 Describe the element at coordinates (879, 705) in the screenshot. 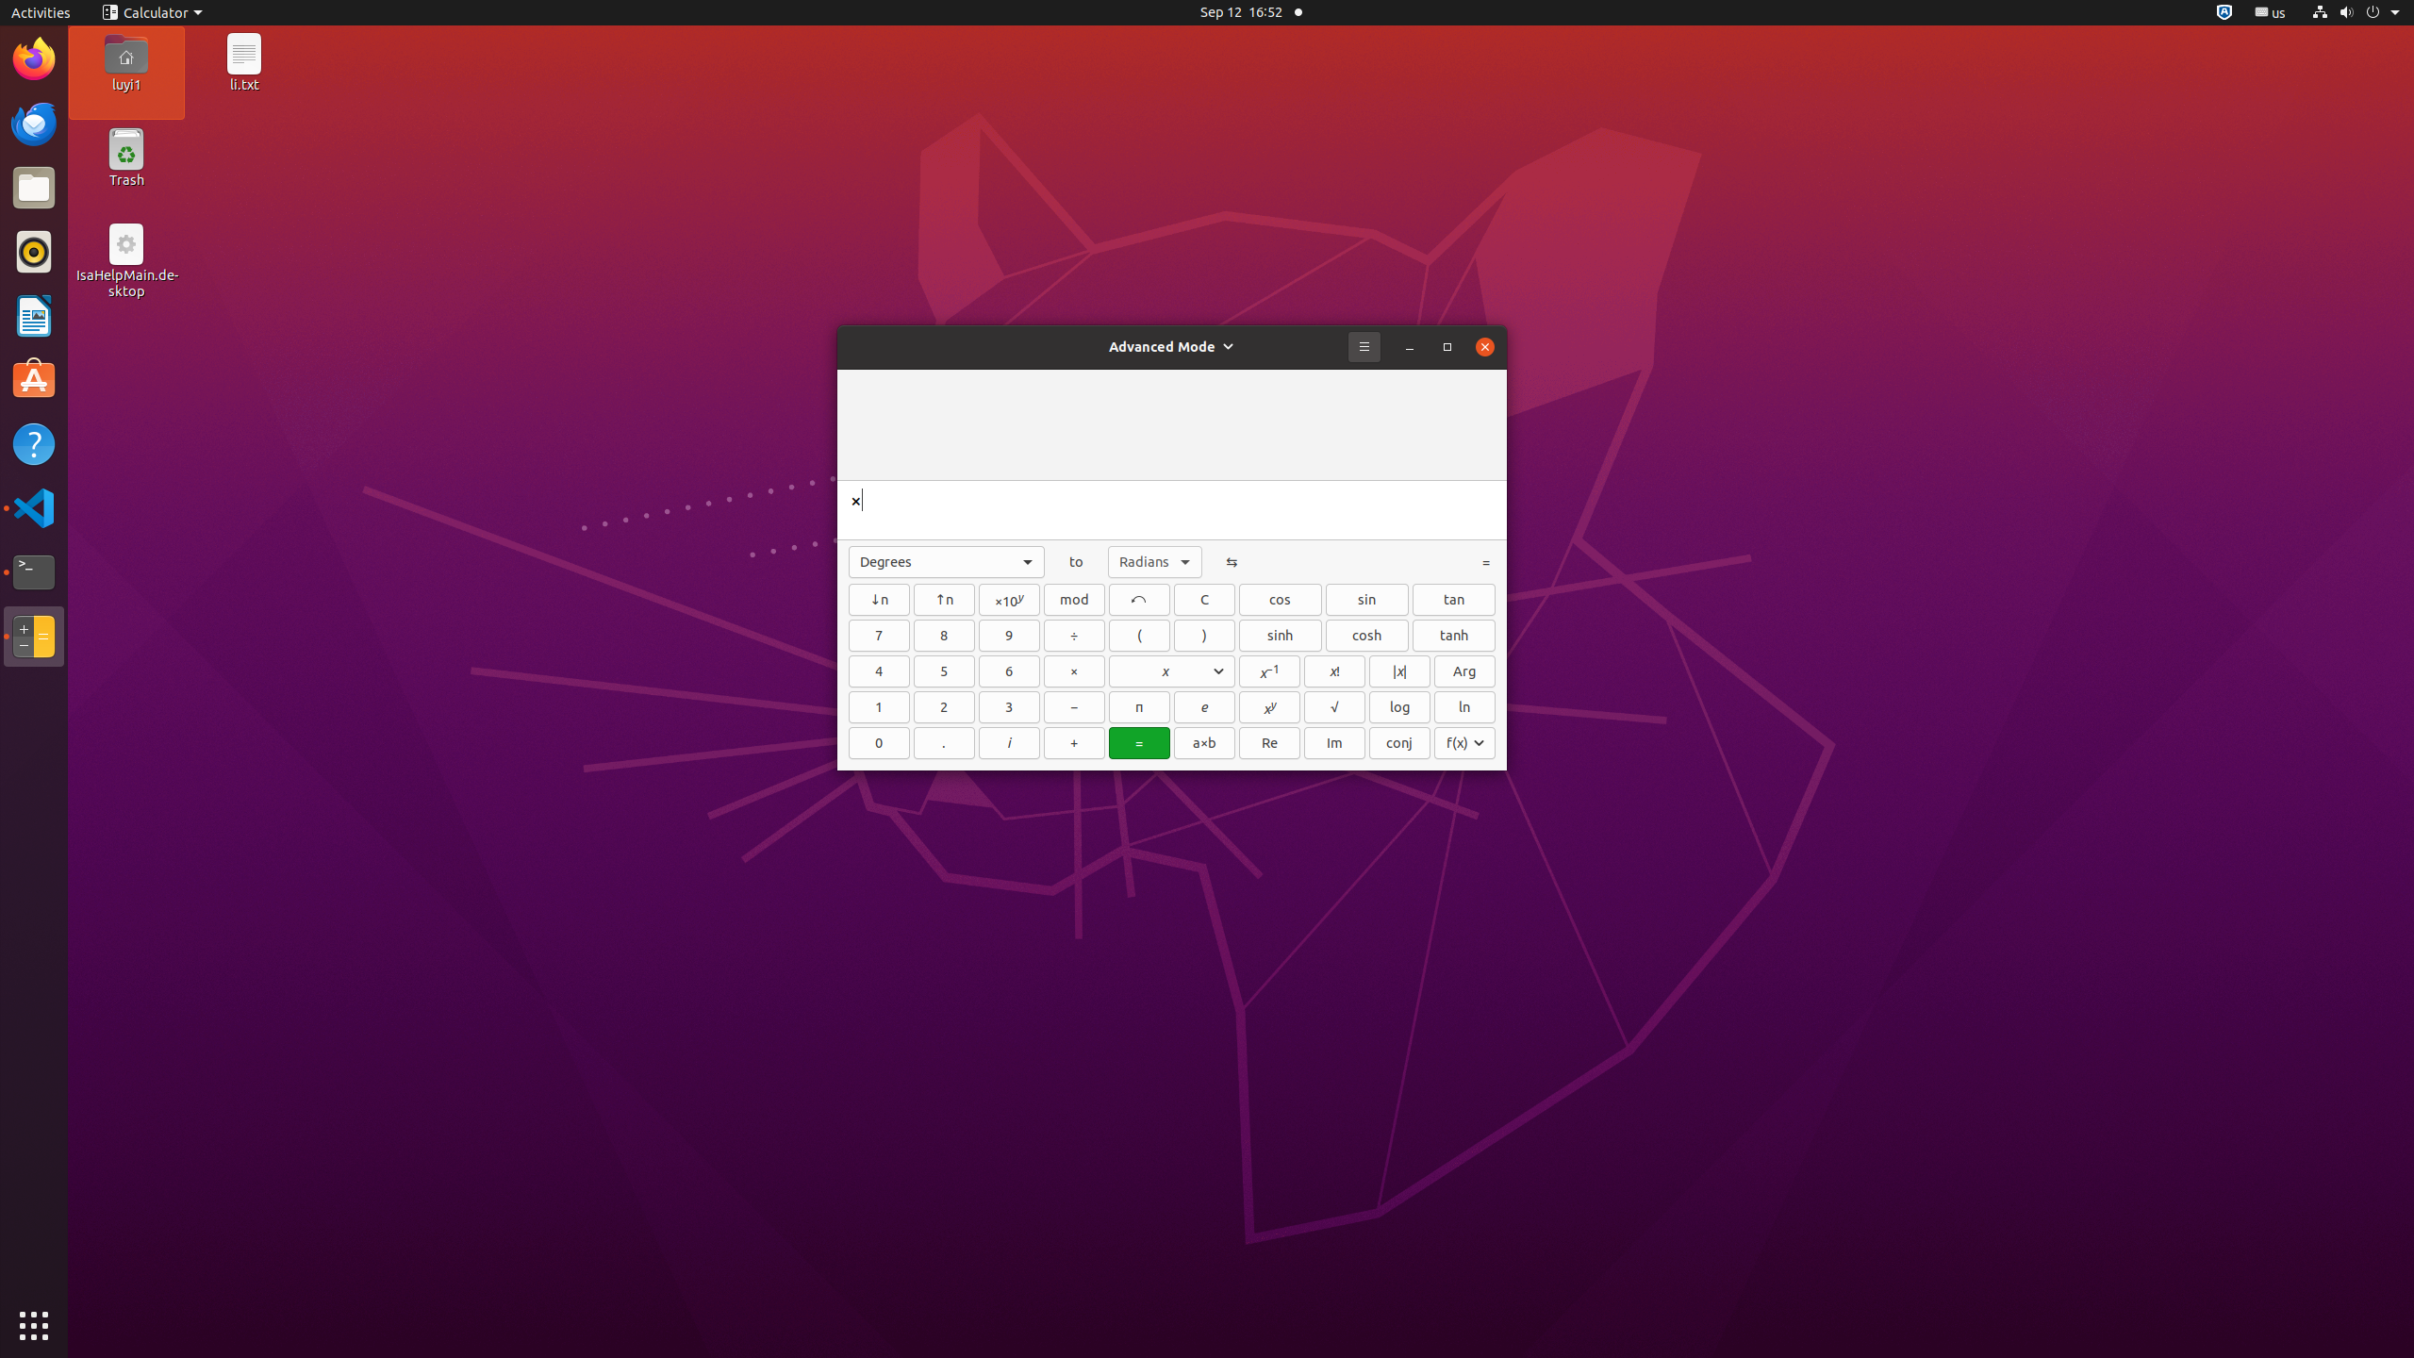

I see `'1'` at that location.